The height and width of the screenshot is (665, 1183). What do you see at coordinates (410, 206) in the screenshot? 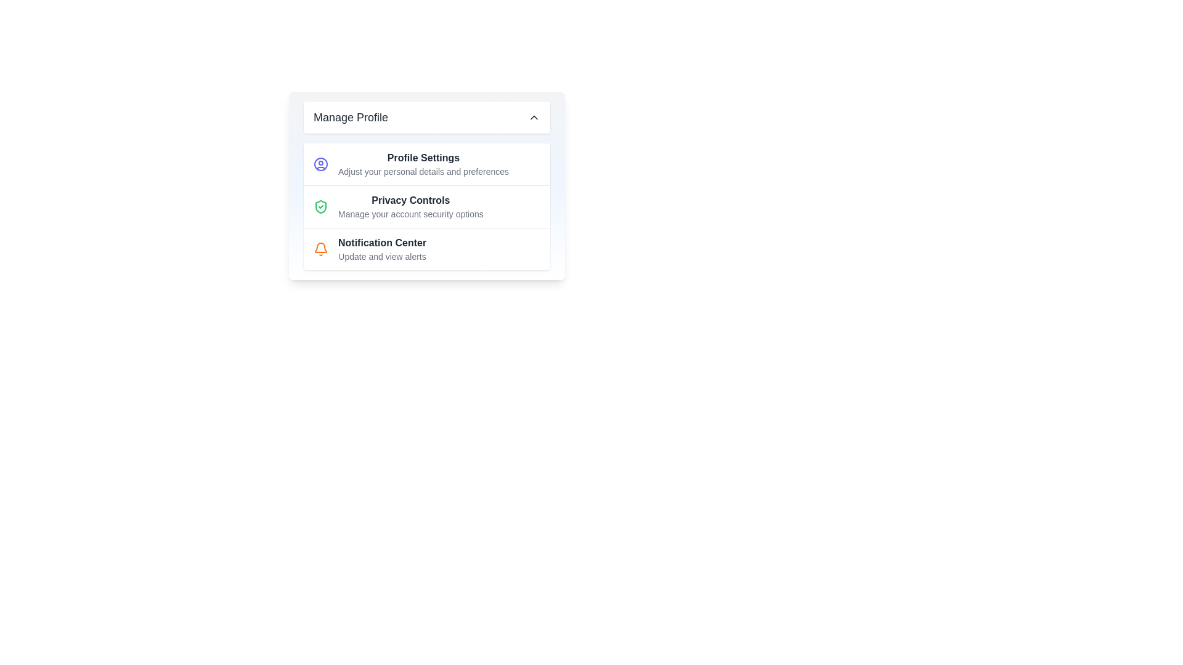
I see `the second Navigation link under 'Manage Profile'` at bounding box center [410, 206].